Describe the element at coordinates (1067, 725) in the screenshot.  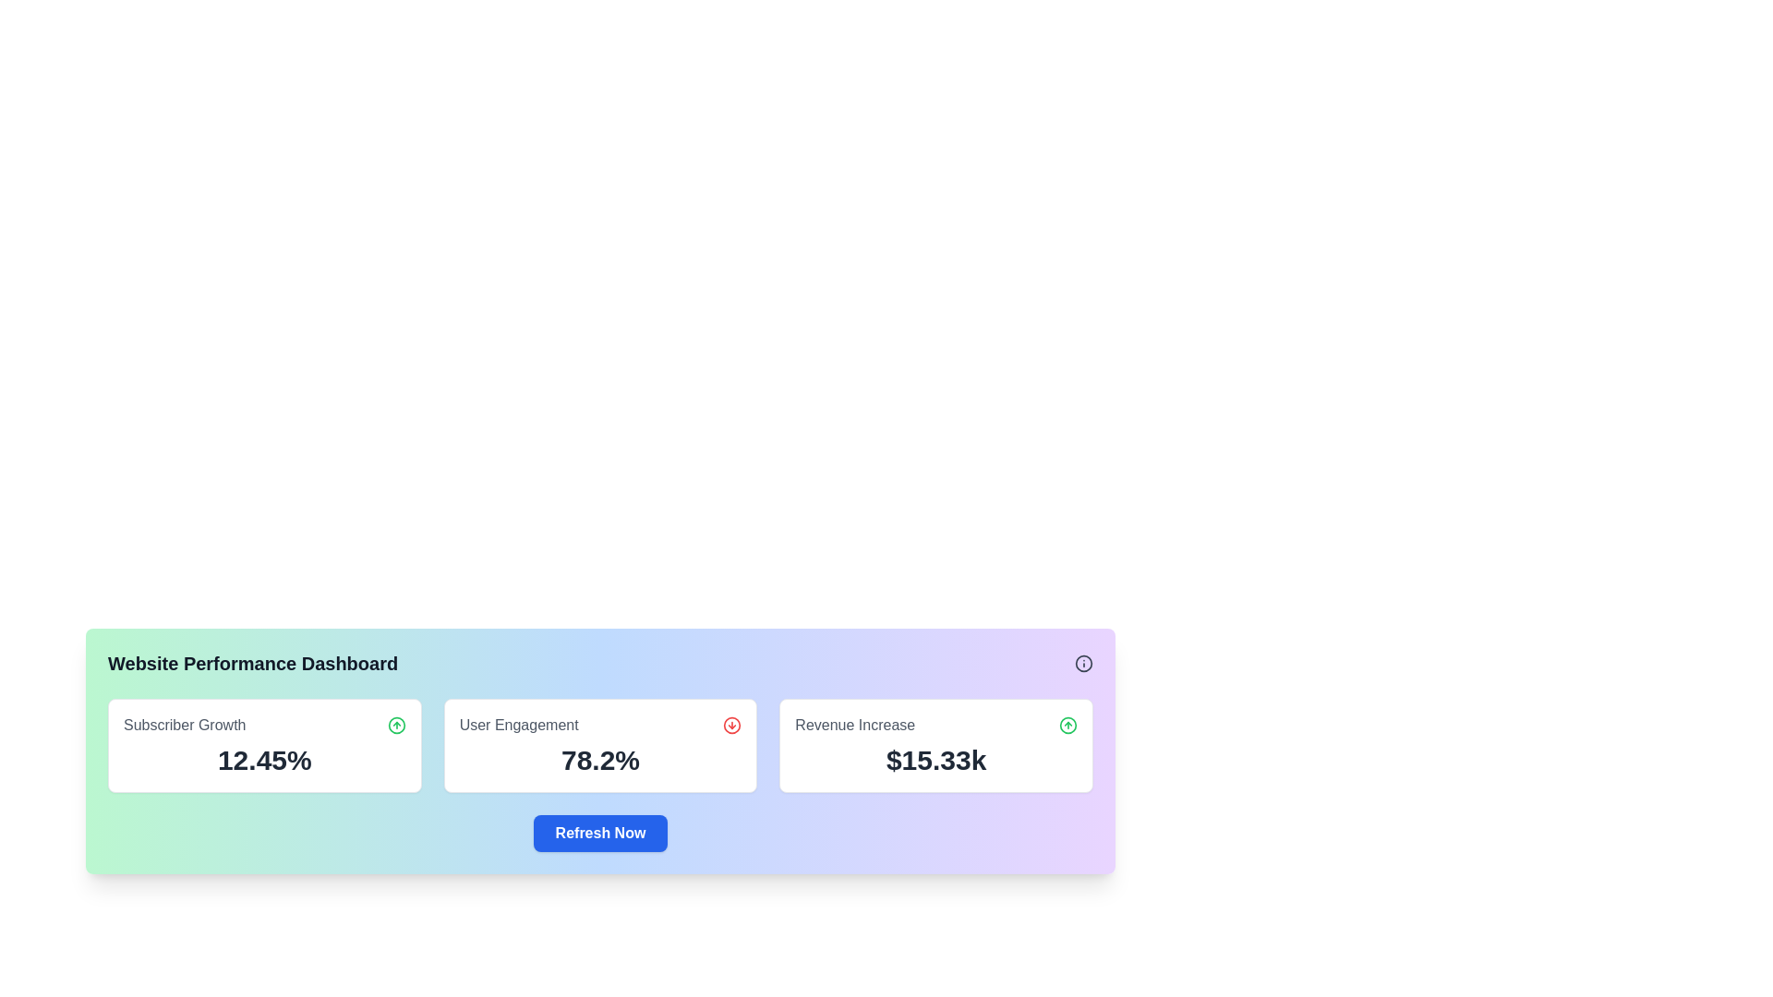
I see `the green circular icon with an upward arrow, located to the right of the 'Revenue Increase' label within the rightmost card of three horizontally aligned cards` at that location.